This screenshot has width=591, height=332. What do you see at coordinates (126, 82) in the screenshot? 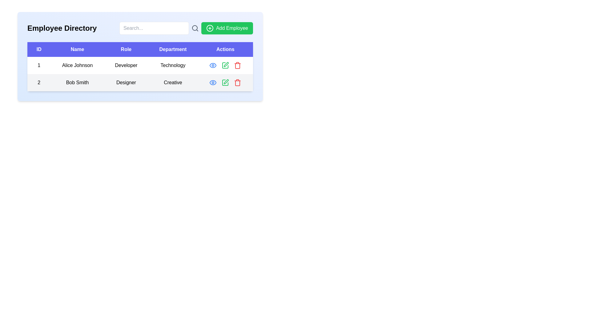
I see `the static text label displaying 'Designer' in the 'Role' column for 'Bob Smith' in the Employee Directory table` at bounding box center [126, 82].